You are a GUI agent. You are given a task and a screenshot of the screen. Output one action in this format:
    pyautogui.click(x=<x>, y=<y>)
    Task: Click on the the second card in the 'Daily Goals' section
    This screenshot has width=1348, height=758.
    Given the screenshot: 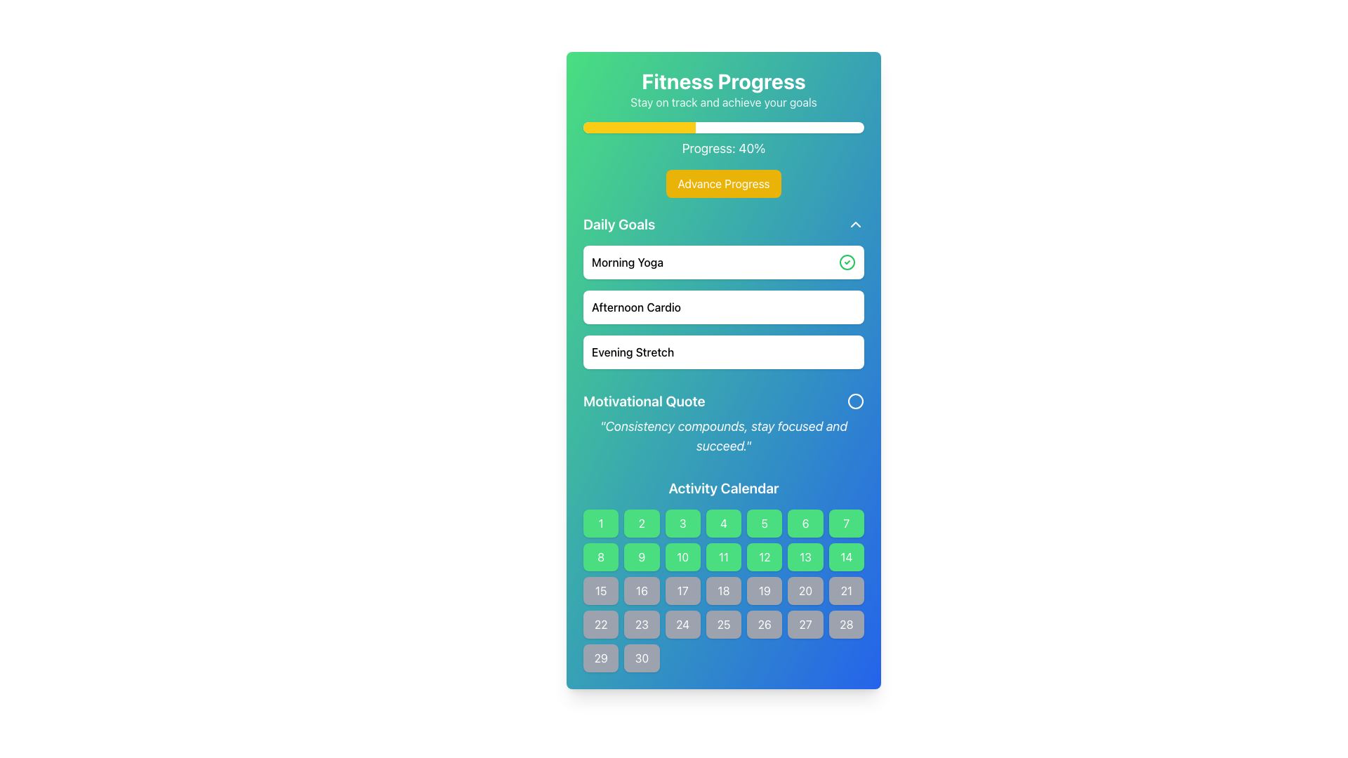 What is the action you would take?
    pyautogui.click(x=724, y=291)
    